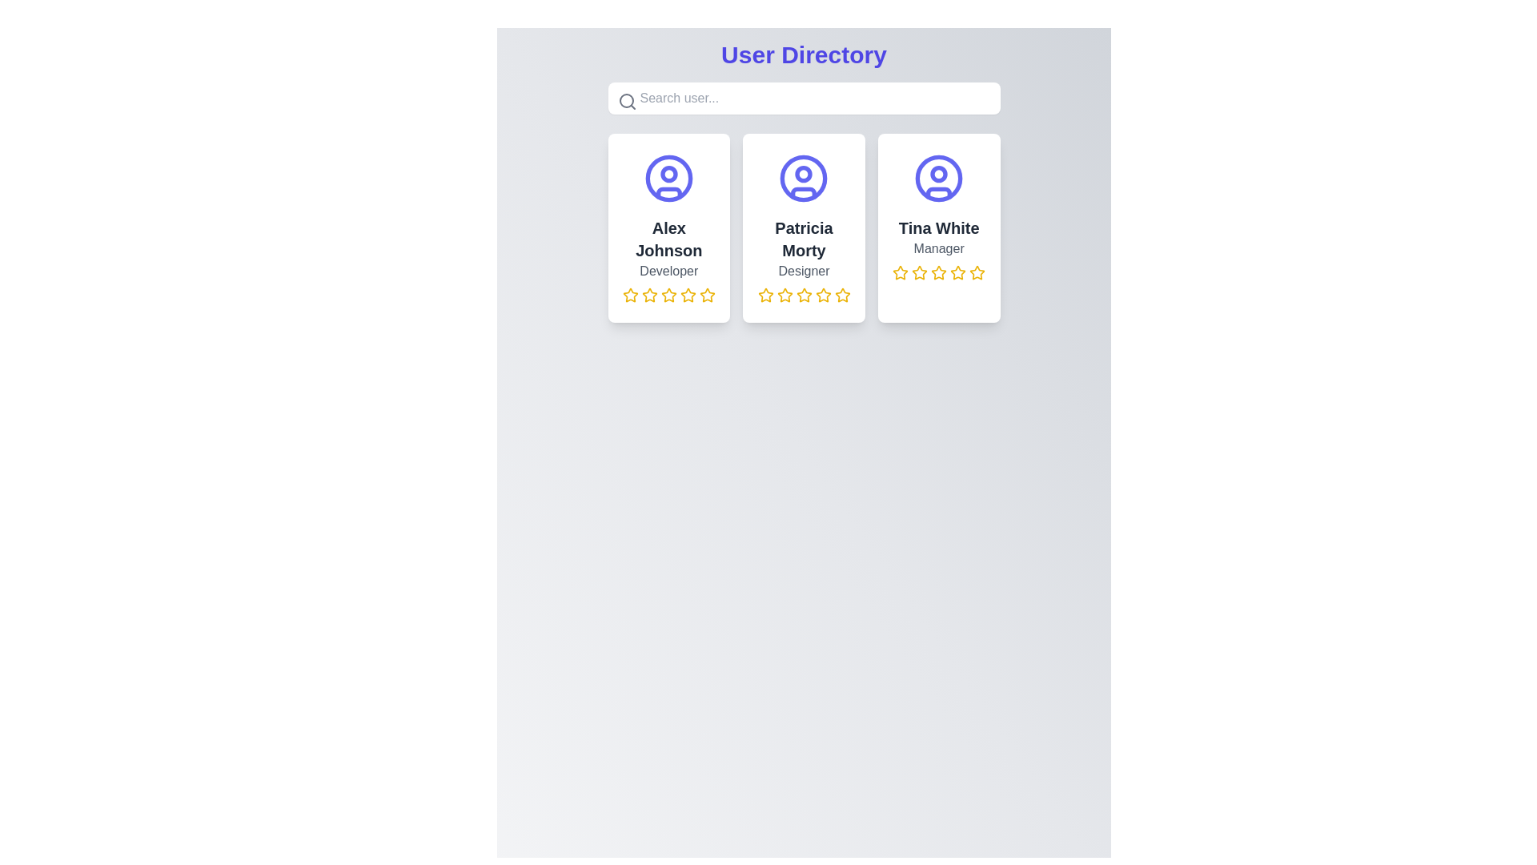  Describe the element at coordinates (649, 295) in the screenshot. I see `the leftmost rating star icon beneath the name 'Alex Johnson' to provide a rating` at that location.